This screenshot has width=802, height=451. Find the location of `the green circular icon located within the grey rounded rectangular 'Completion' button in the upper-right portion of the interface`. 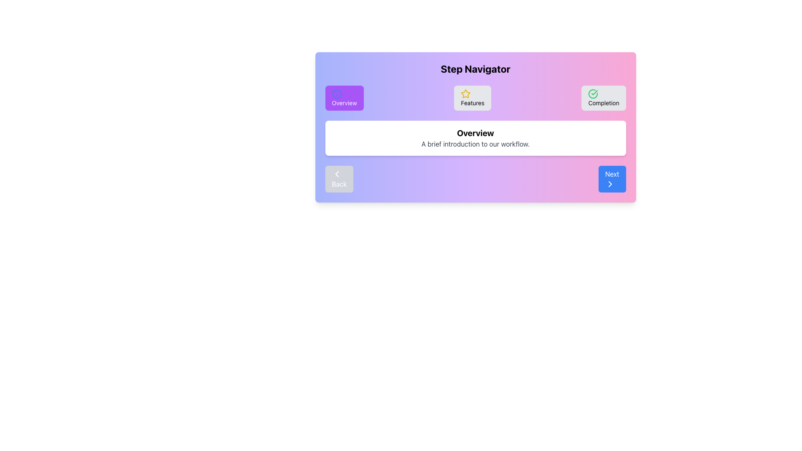

the green circular icon located within the grey rounded rectangular 'Completion' button in the upper-right portion of the interface is located at coordinates (593, 94).